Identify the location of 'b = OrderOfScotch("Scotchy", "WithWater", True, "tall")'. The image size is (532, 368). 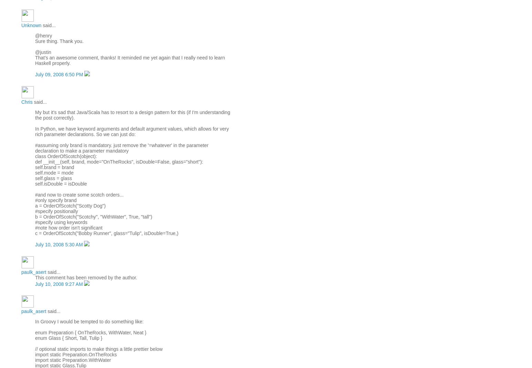
(94, 216).